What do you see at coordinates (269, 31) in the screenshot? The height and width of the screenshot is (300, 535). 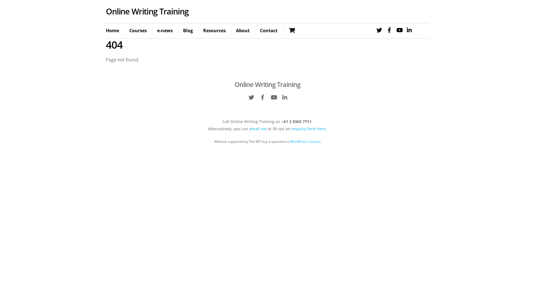 I see `'Contact'` at bounding box center [269, 31].